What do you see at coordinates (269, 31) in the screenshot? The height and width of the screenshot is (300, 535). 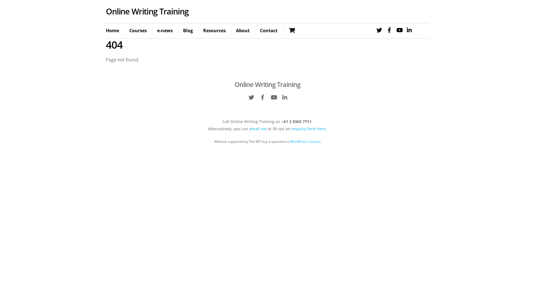 I see `'Contact'` at bounding box center [269, 31].